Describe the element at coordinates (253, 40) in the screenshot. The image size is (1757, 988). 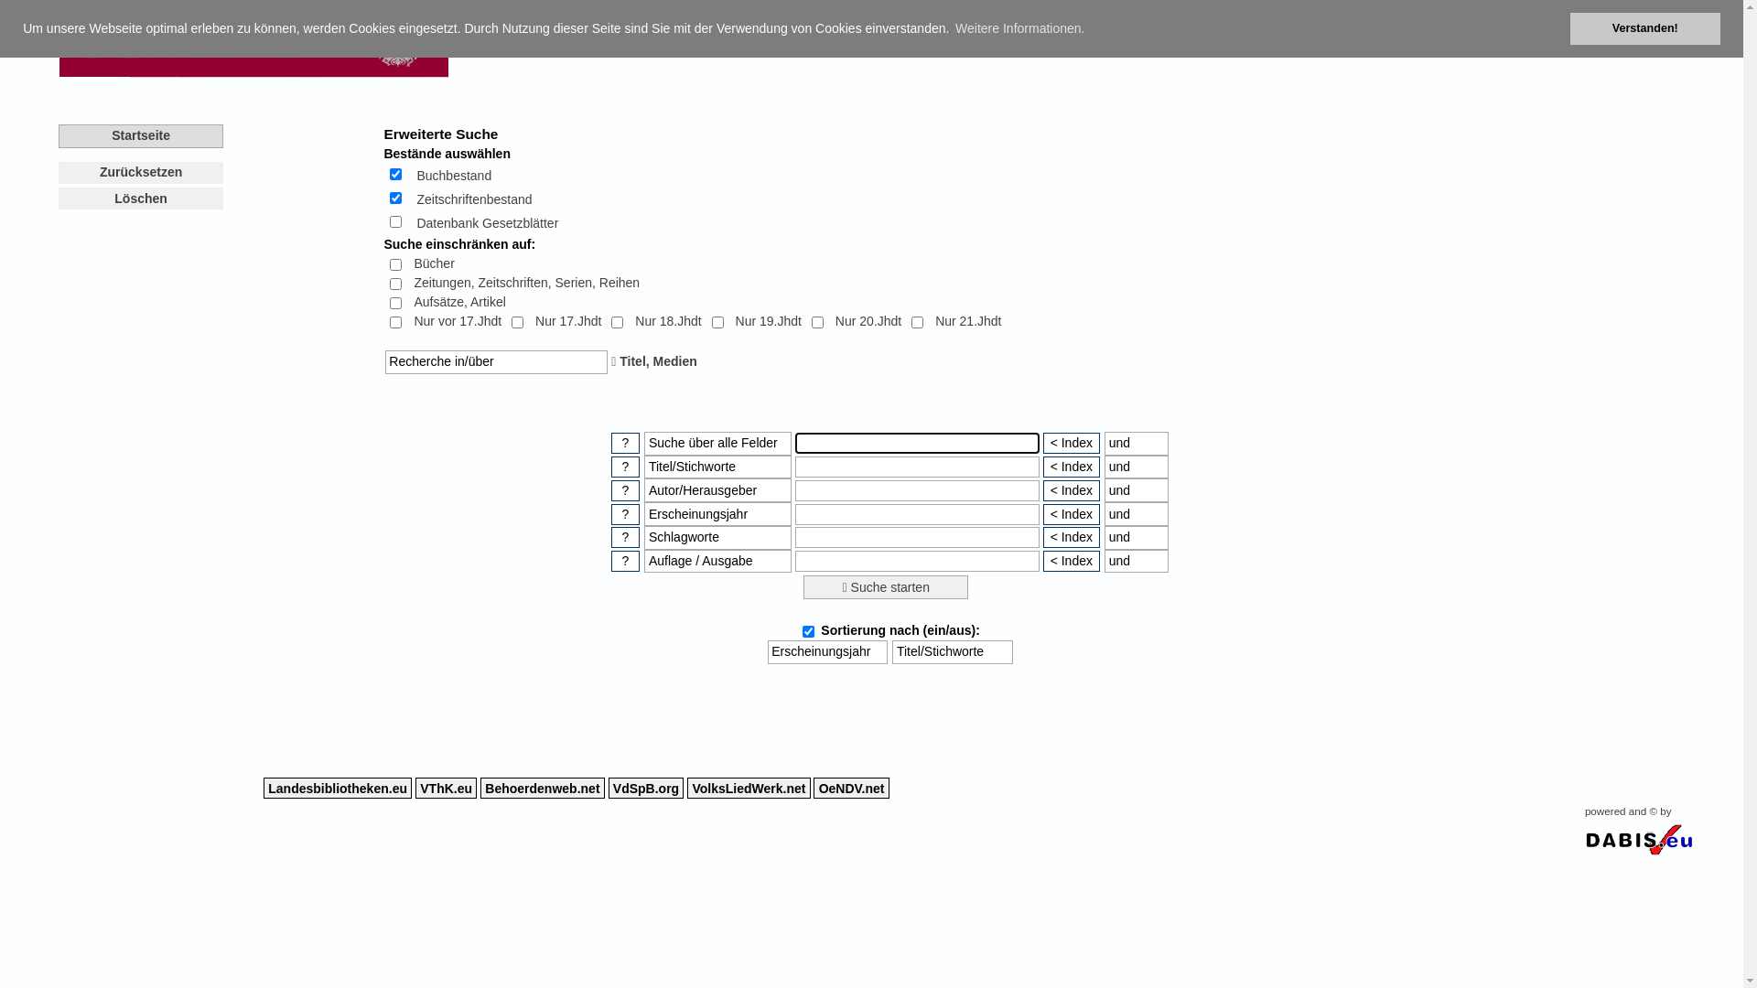
I see `'Zentralbibliothek Oberster Gerichtshof'` at that location.